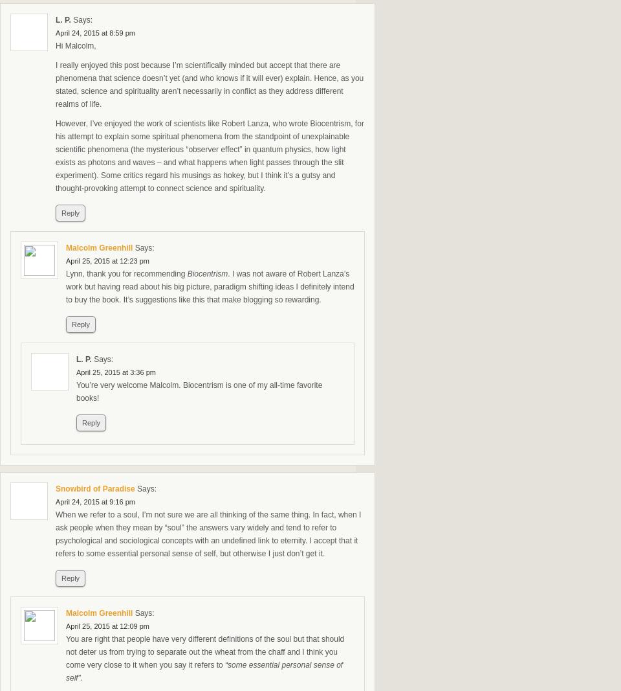  What do you see at coordinates (107, 260) in the screenshot?
I see `'April 25, 2015 at 12:23 pm'` at bounding box center [107, 260].